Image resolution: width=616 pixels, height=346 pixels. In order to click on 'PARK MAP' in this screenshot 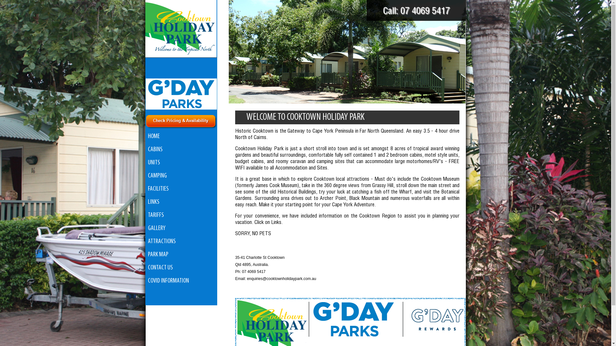, I will do `click(145, 254)`.